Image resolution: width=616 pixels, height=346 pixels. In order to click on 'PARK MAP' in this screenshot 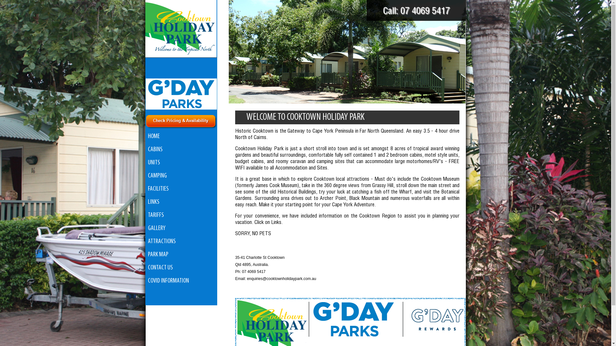, I will do `click(145, 254)`.